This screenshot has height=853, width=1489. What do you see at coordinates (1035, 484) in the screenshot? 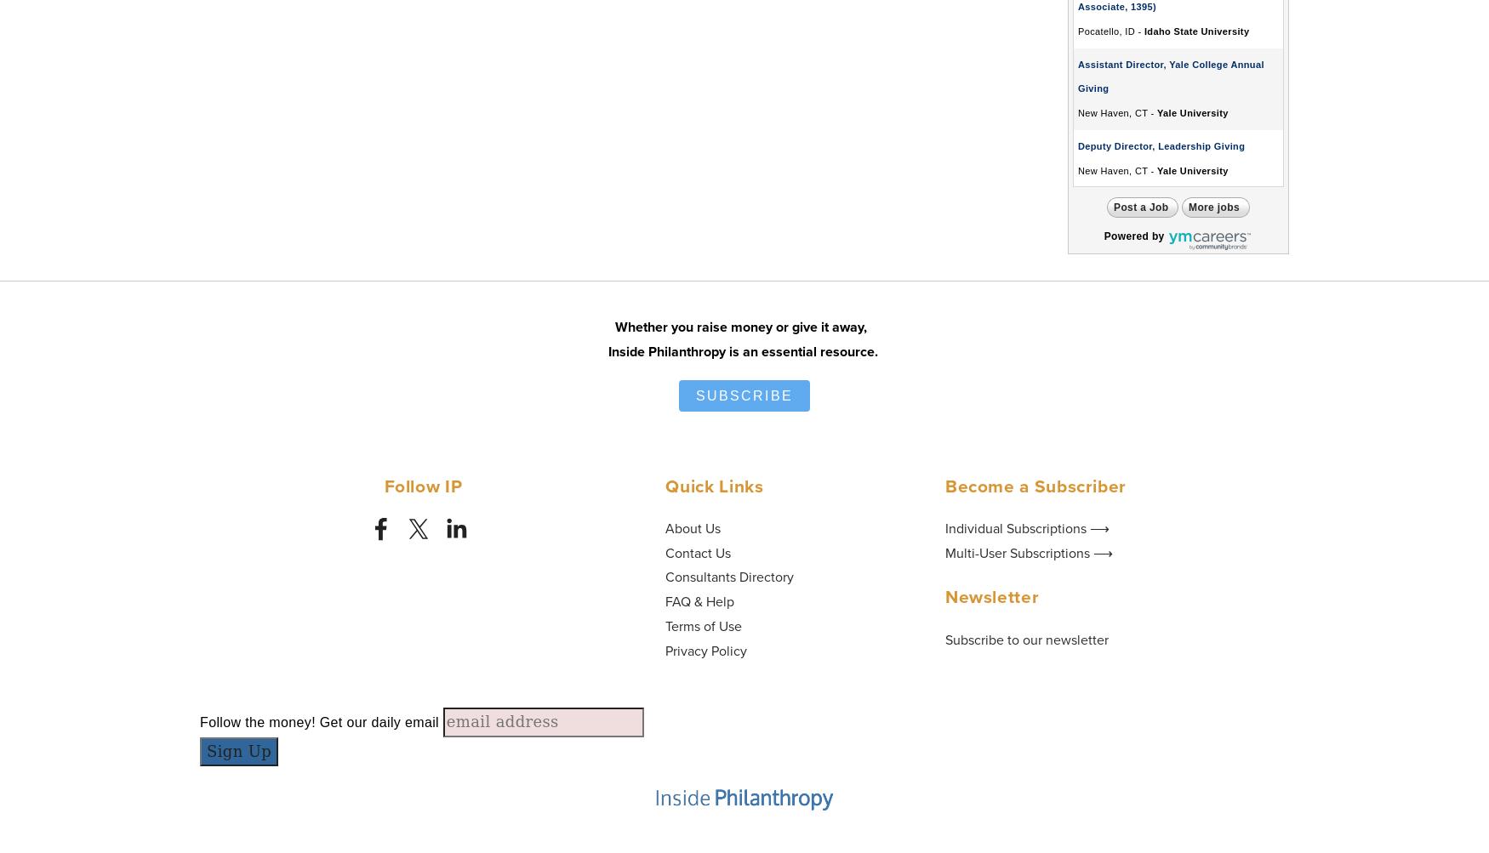
I see `'Become a Subscriber'` at bounding box center [1035, 484].